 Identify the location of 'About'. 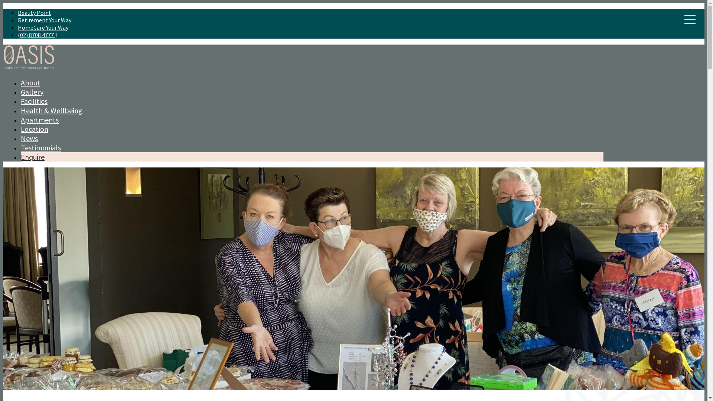
(21, 82).